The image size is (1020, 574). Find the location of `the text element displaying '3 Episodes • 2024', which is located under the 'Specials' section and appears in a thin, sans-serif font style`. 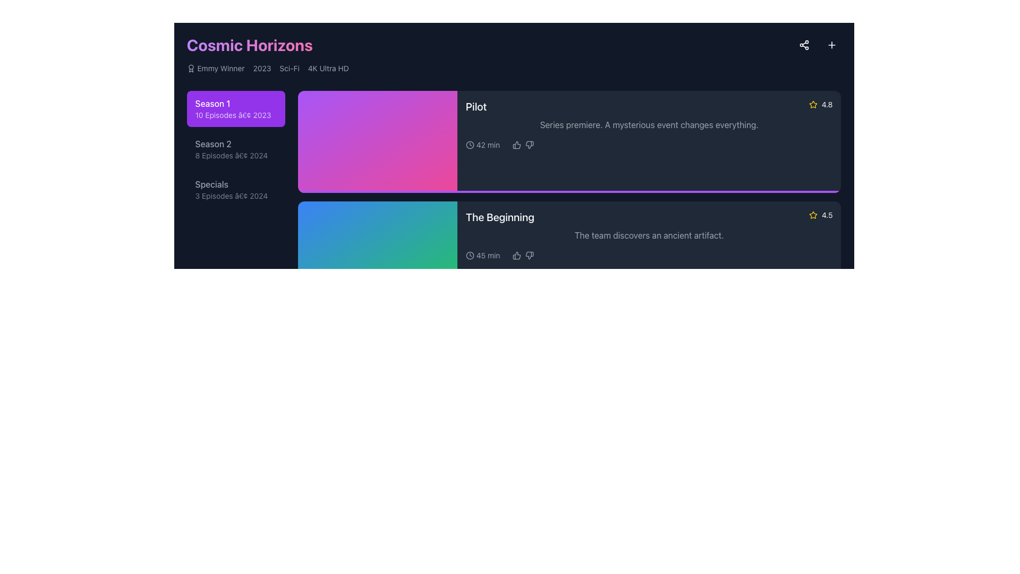

the text element displaying '3 Episodes • 2024', which is located under the 'Specials' section and appears in a thin, sans-serif font style is located at coordinates (235, 196).